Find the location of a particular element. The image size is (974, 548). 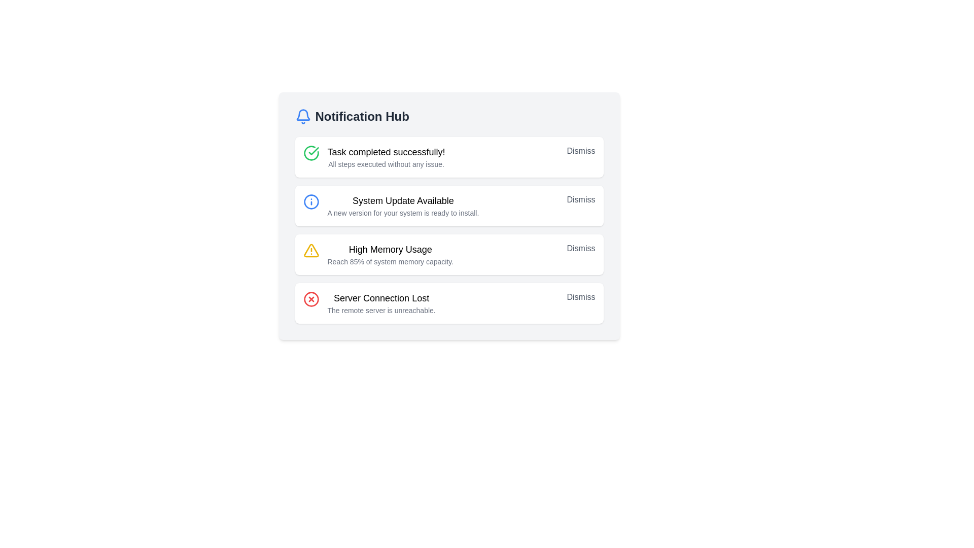

the Notification message stating 'Server Connection Lost' and 'The remote server is unreachable', which is the last item in the notification panel, located beneath the 'High Memory Usage' notification is located at coordinates (381, 302).